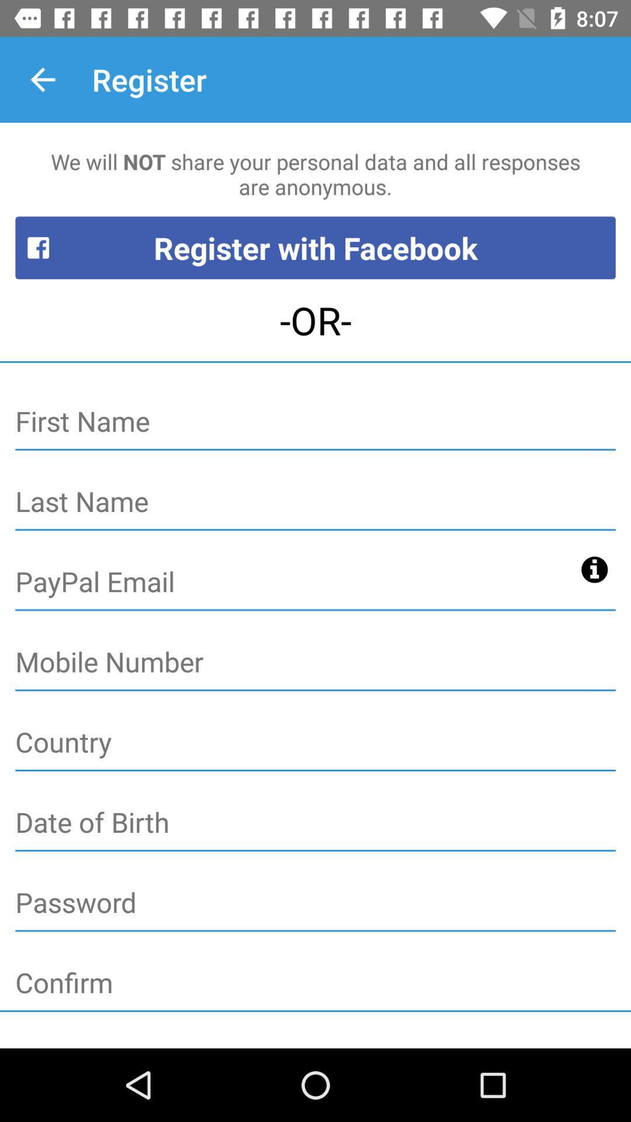  I want to click on birthday, so click(315, 822).